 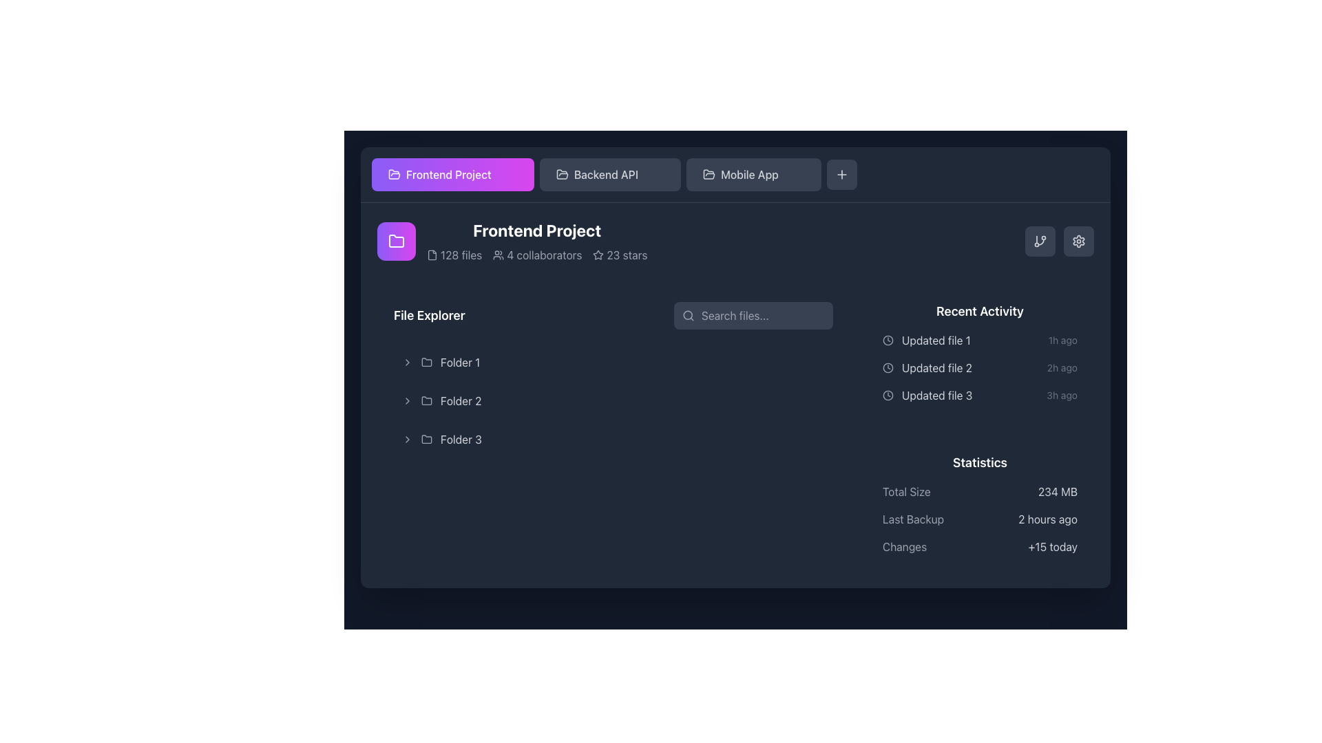 What do you see at coordinates (461, 440) in the screenshot?
I see `the text label 'Folder 3' in the 'File Explorer' section to interact with it and navigate into the specified folder` at bounding box center [461, 440].